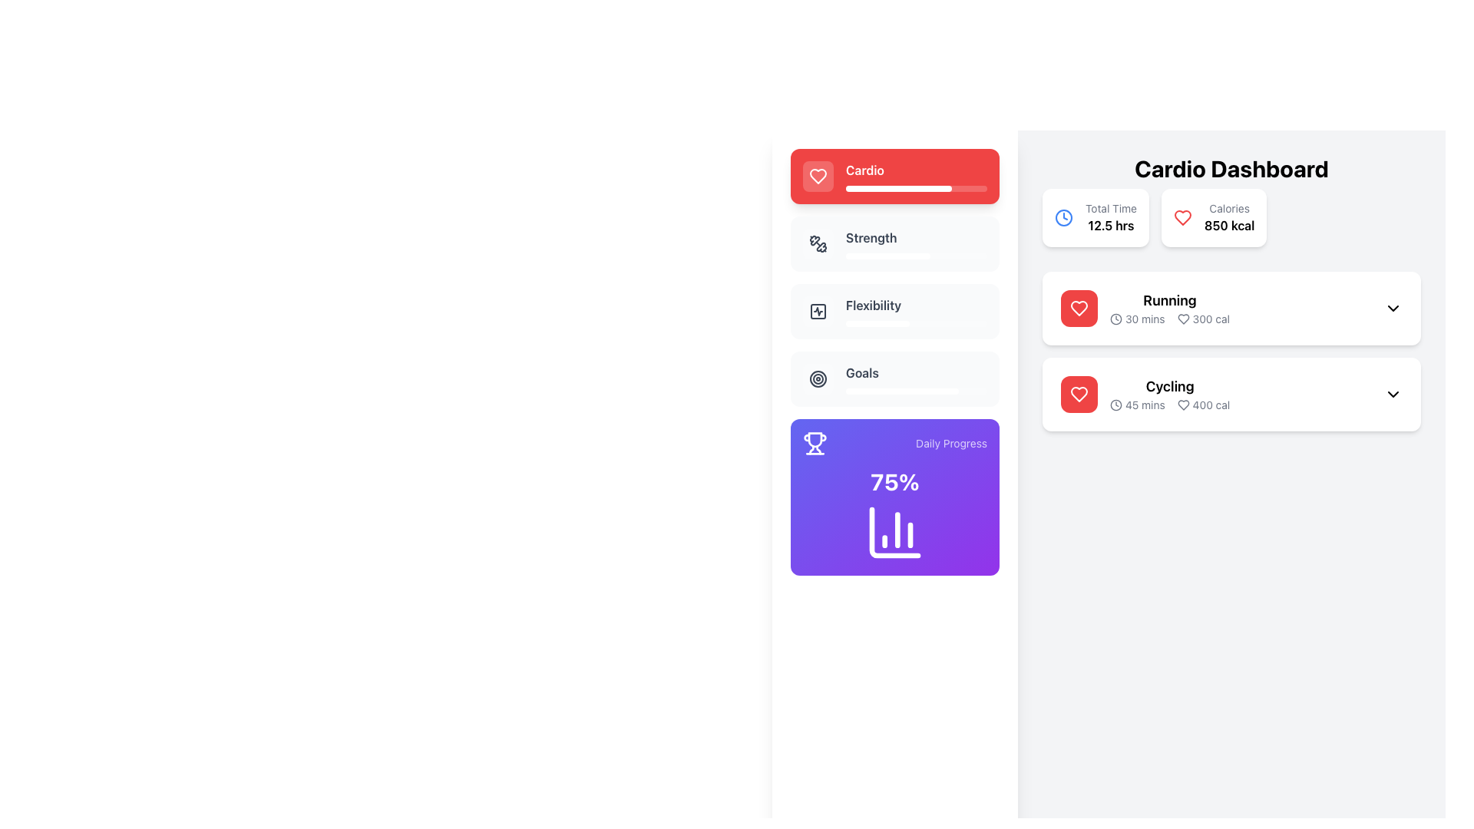 This screenshot has width=1474, height=829. I want to click on the 'Daily Progress' label text, which is a small font-size text with a slightly faded and transparent styling, located on a purple background in the dashboard interface, so click(950, 444).